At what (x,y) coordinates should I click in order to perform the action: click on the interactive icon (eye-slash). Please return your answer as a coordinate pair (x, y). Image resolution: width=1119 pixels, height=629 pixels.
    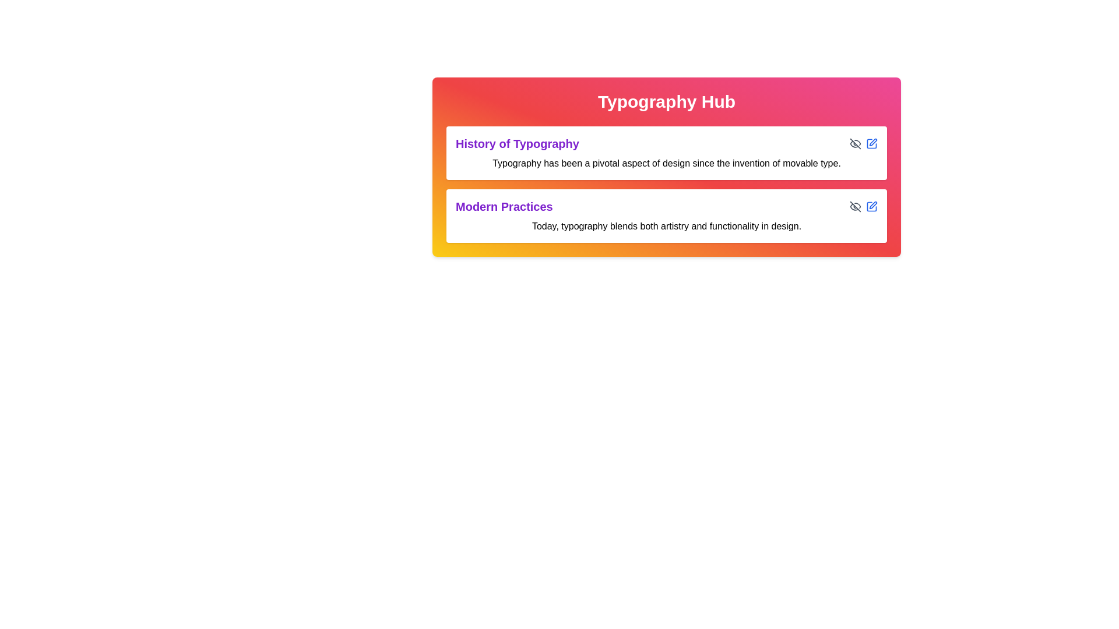
    Looking at the image, I should click on (856, 143).